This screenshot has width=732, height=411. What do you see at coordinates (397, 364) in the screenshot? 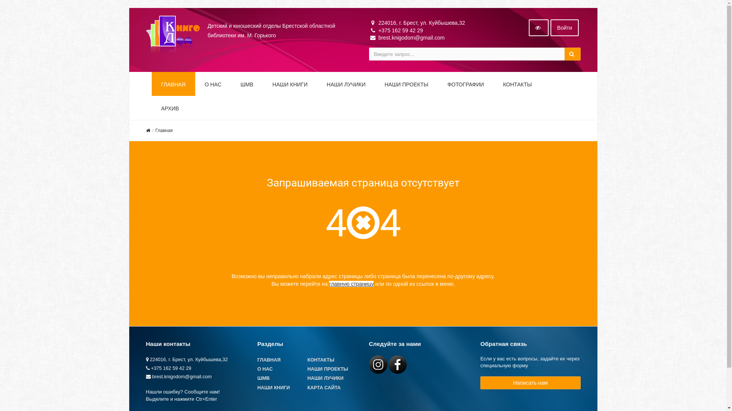
I see `'Facebook'` at bounding box center [397, 364].